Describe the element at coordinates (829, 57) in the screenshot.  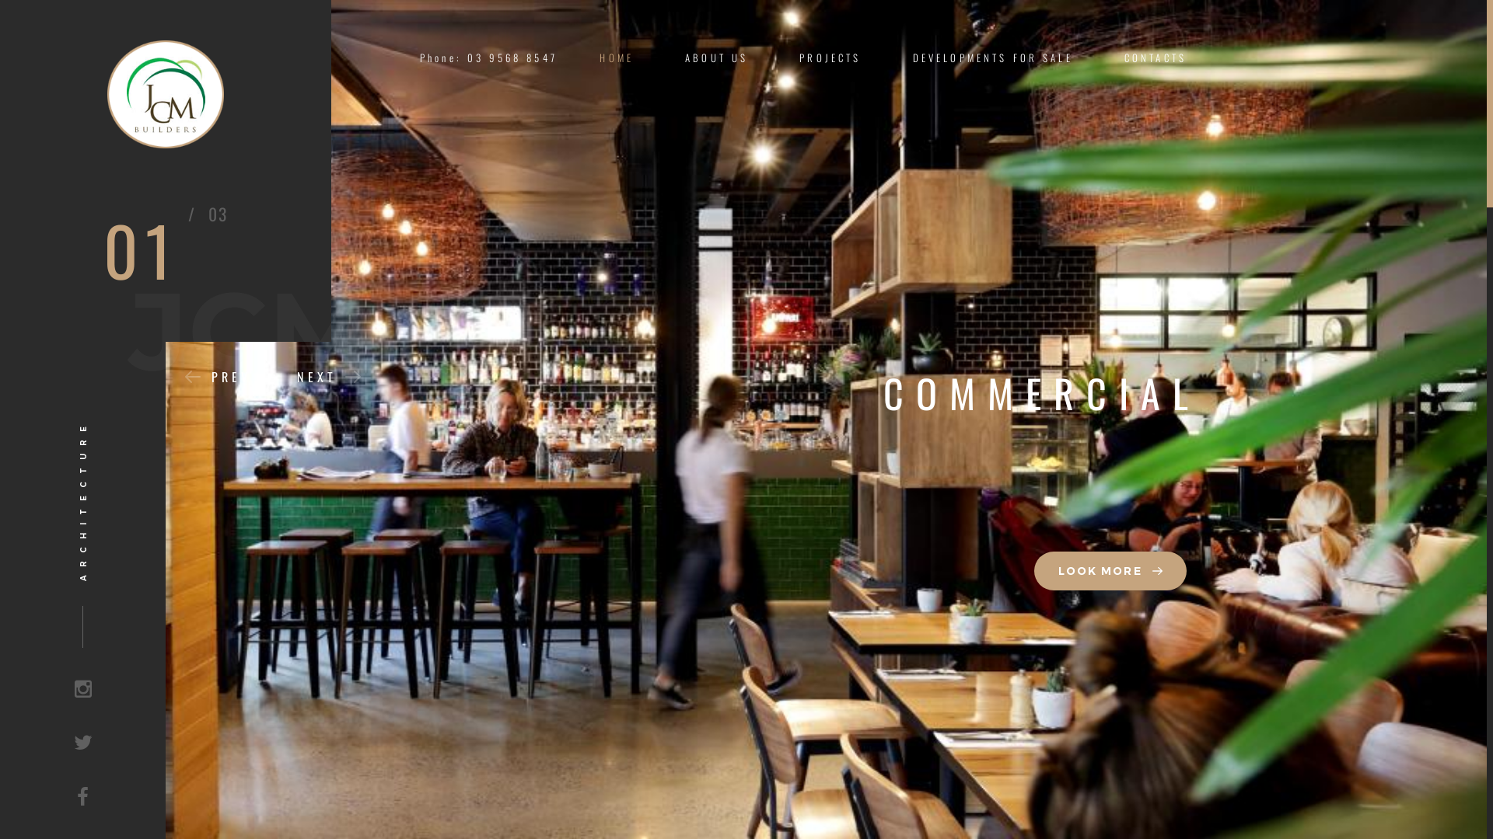
I see `'PROJECTS'` at that location.